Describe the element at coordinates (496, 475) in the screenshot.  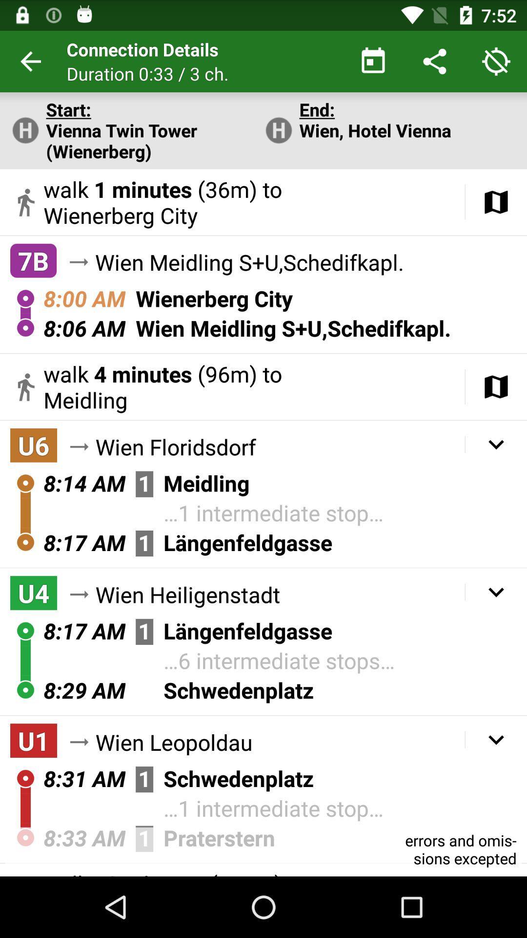
I see `the expand_more icon` at that location.